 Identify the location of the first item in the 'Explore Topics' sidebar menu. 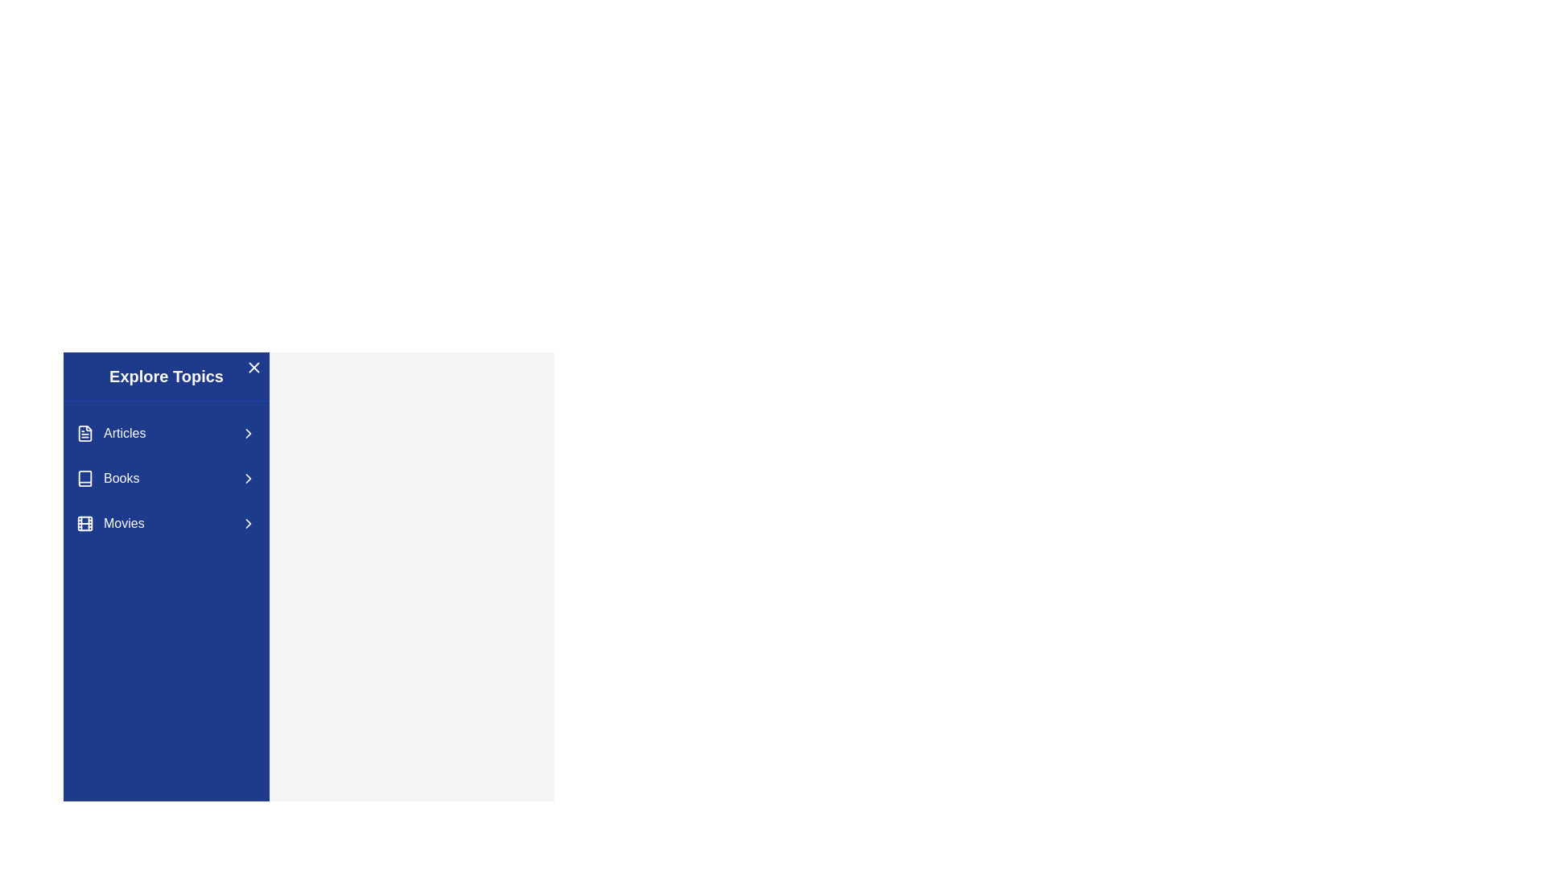
(166, 433).